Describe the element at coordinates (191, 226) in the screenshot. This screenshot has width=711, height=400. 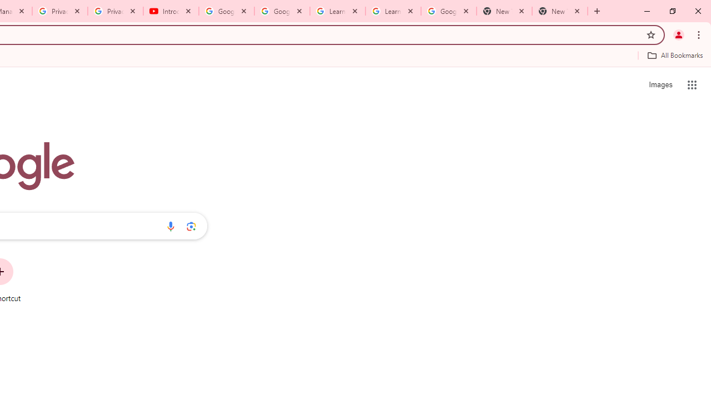
I see `'Search by image'` at that location.